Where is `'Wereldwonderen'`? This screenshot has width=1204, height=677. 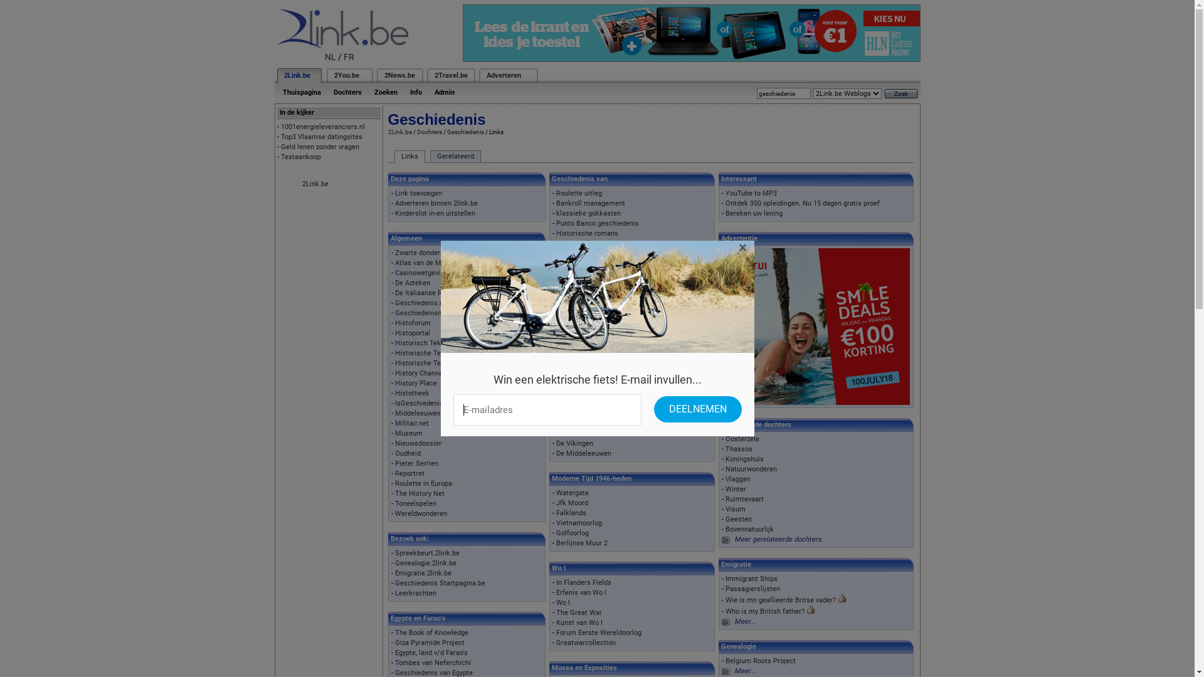 'Wereldwonderen' is located at coordinates (394, 513).